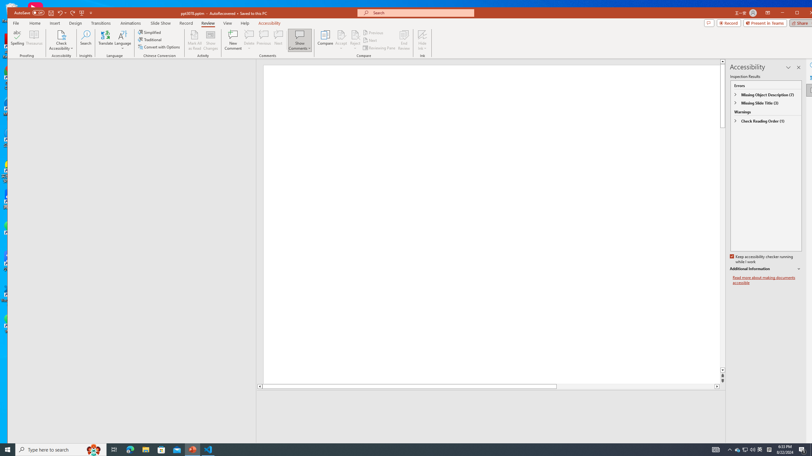  Describe the element at coordinates (341, 34) in the screenshot. I see `'Accept Change'` at that location.